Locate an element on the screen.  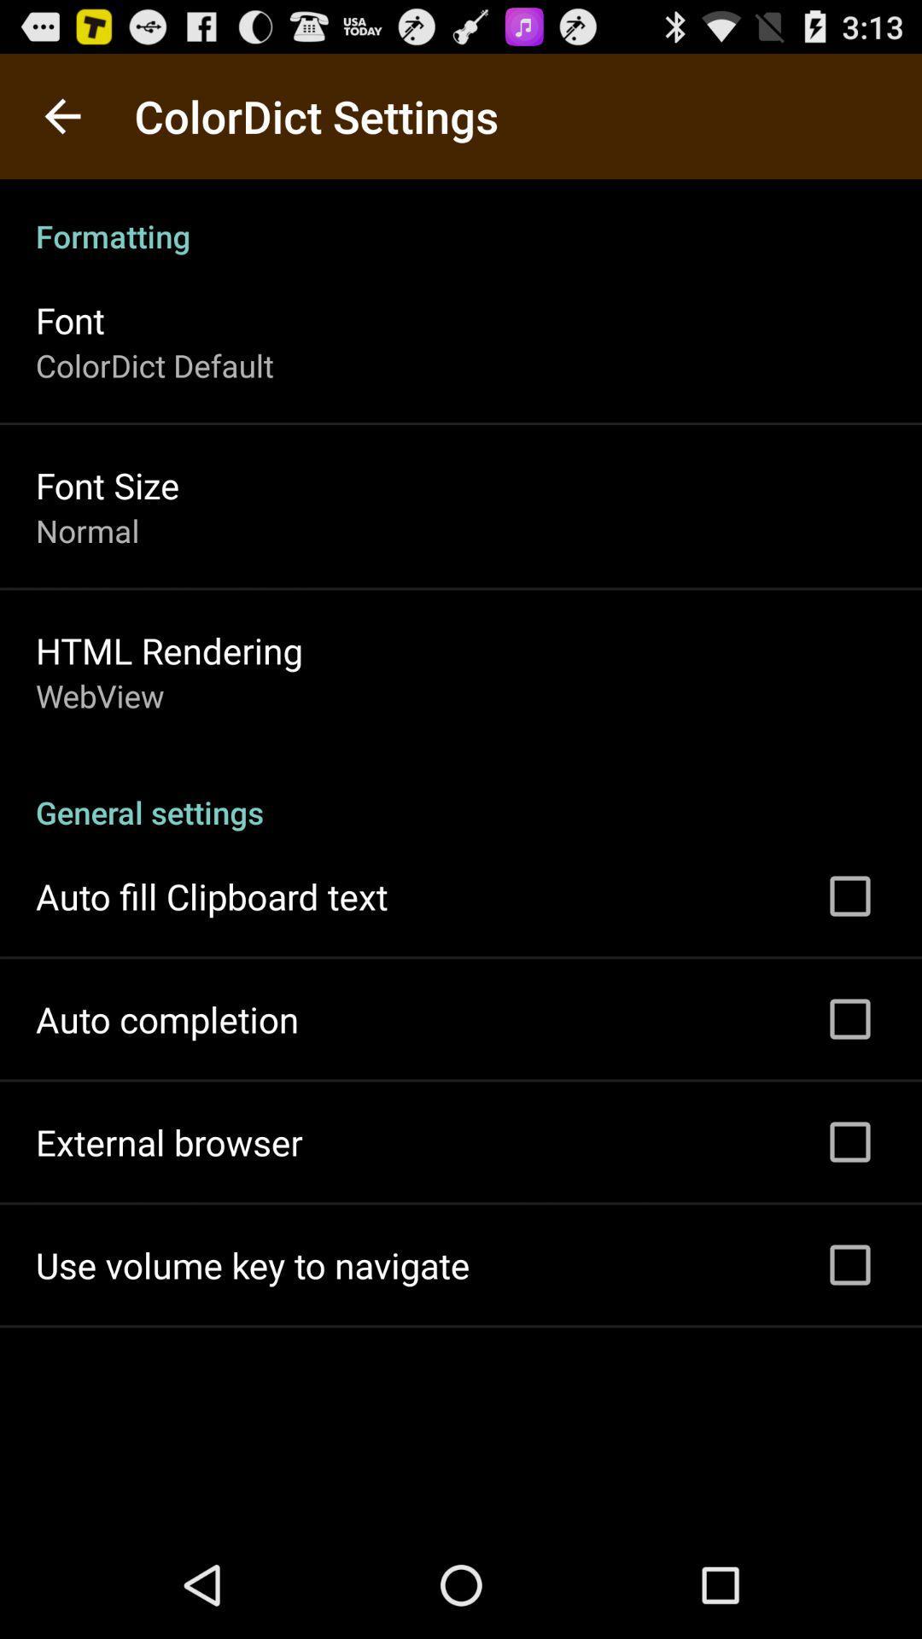
the icon below normal item is located at coordinates (169, 650).